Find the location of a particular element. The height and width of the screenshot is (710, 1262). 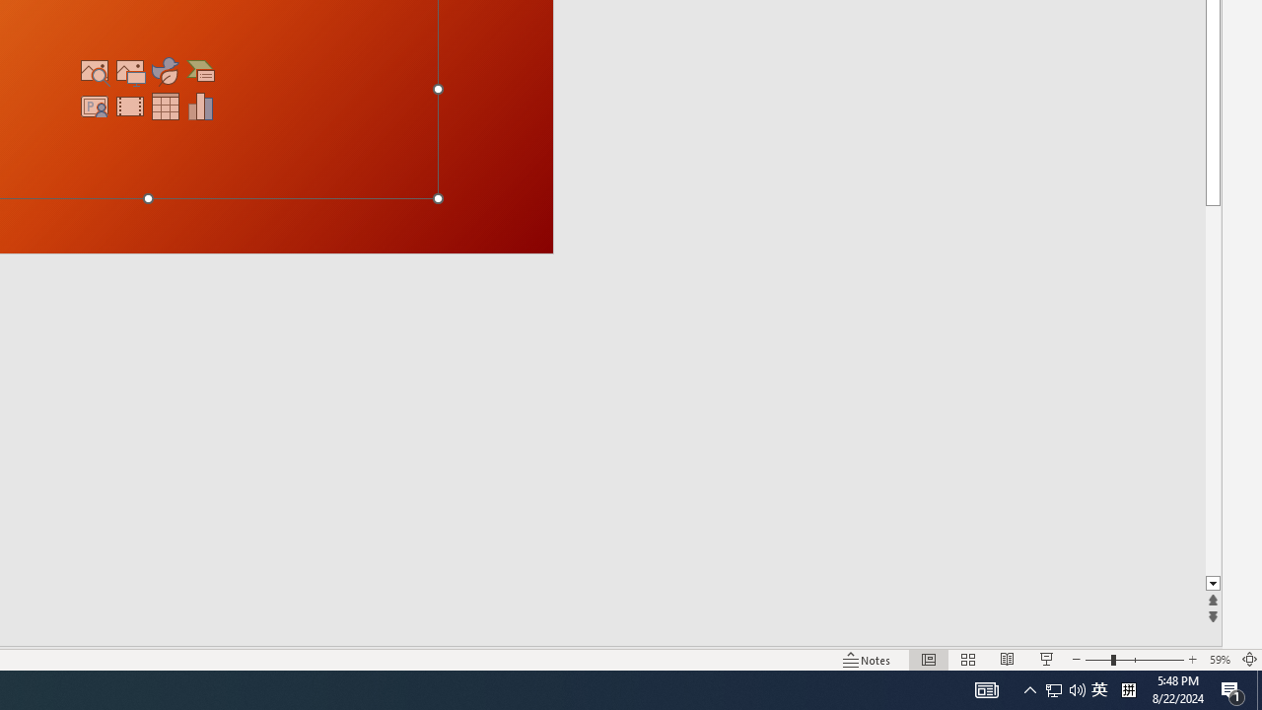

'Insert an Icon' is located at coordinates (166, 70).